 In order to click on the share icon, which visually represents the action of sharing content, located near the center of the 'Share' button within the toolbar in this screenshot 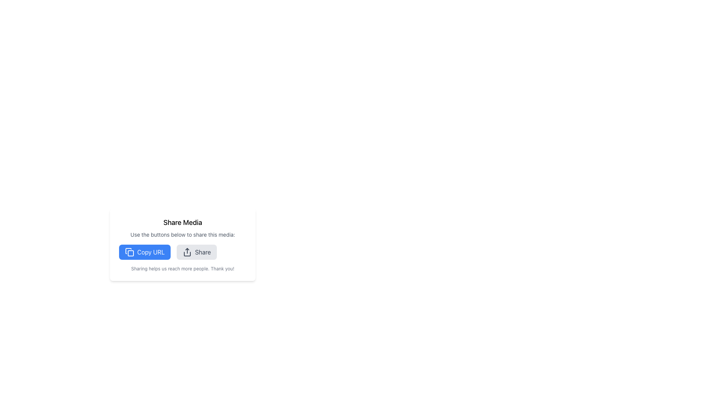, I will do `click(187, 252)`.